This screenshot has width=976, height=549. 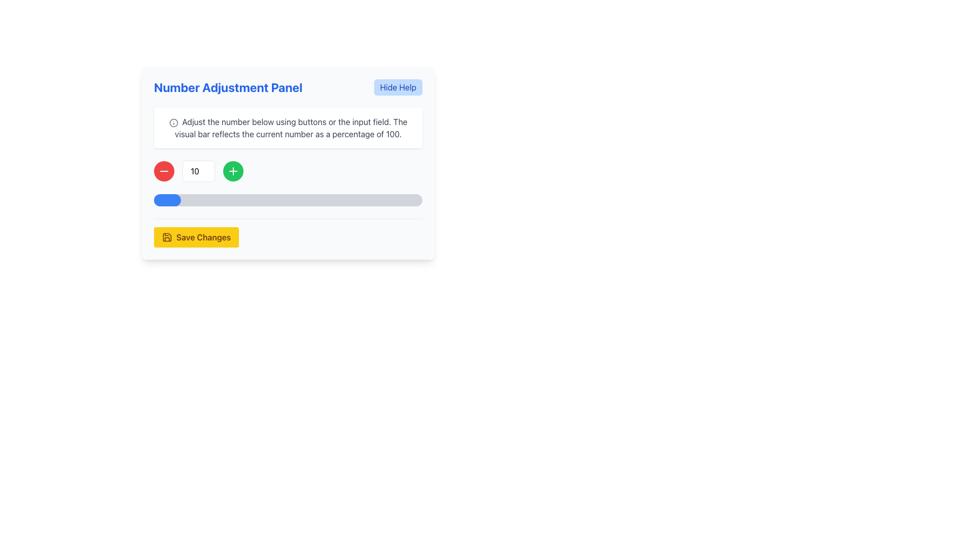 I want to click on the help toggle button located in the top-right corner of the 'Number Adjustment Panel' to toggle the visibility of the help section, so click(x=398, y=87).